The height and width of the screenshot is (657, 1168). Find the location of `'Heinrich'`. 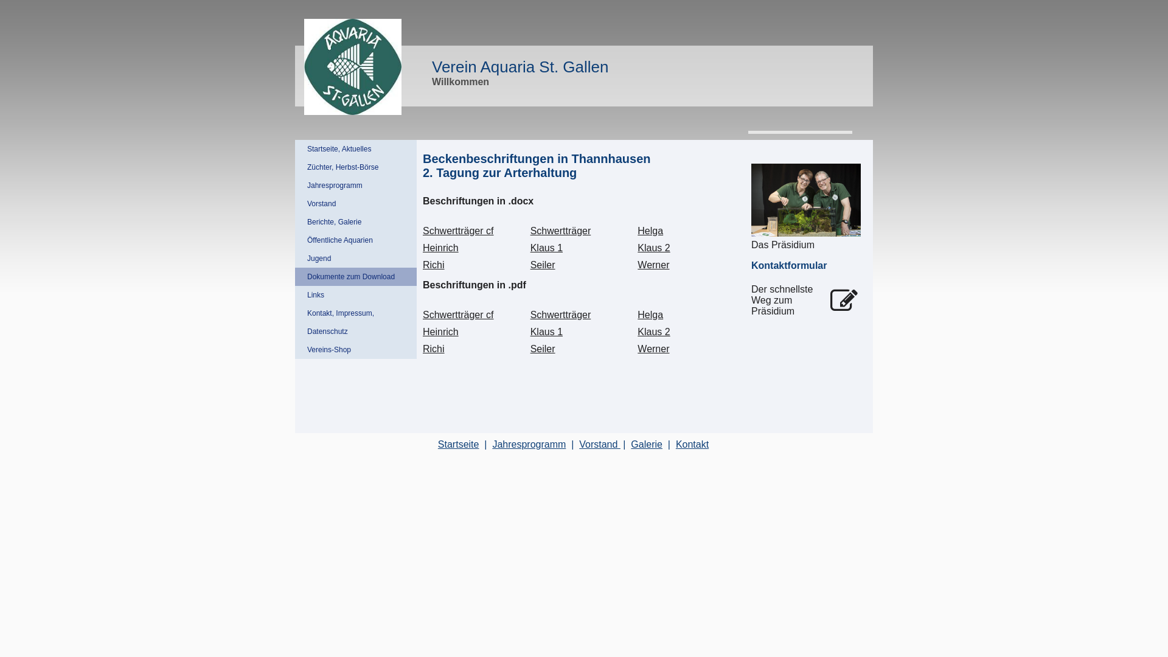

'Heinrich' is located at coordinates (440, 332).